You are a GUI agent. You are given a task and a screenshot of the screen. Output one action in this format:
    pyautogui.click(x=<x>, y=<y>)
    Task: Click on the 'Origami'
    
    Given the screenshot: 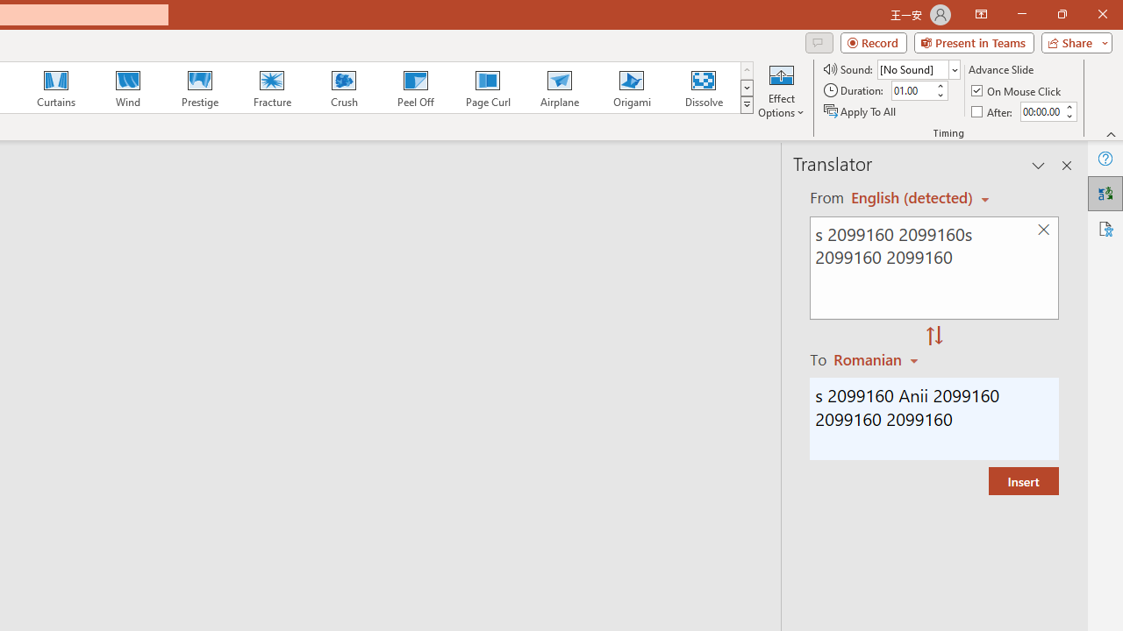 What is the action you would take?
    pyautogui.click(x=632, y=88)
    